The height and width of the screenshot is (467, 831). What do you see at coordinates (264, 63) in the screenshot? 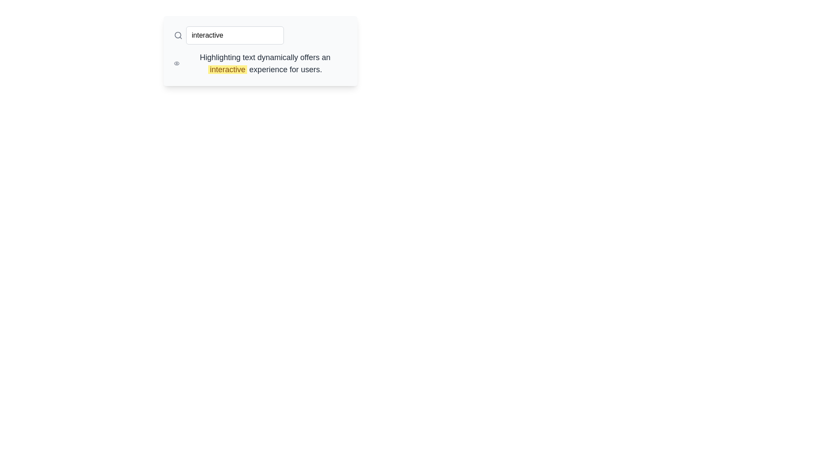
I see `the highlighted word 'interactive' in the textual element that features a distinctive yellow highlight and is styled differently from the rest of the text` at bounding box center [264, 63].